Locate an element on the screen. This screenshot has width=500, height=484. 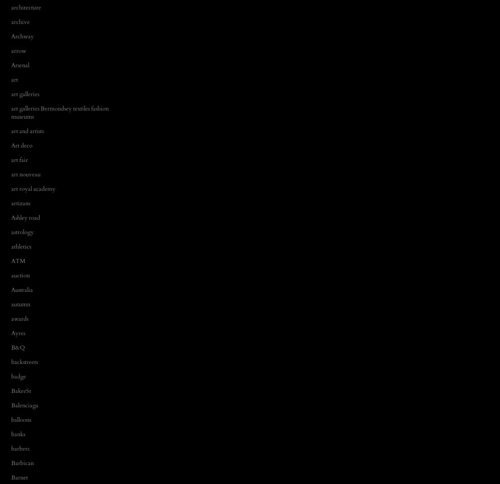
'banks' is located at coordinates (11, 433).